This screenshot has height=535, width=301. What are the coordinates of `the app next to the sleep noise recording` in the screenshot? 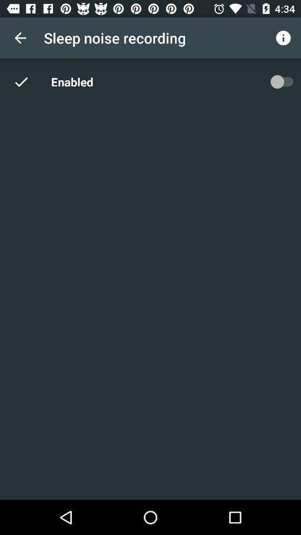 It's located at (20, 38).